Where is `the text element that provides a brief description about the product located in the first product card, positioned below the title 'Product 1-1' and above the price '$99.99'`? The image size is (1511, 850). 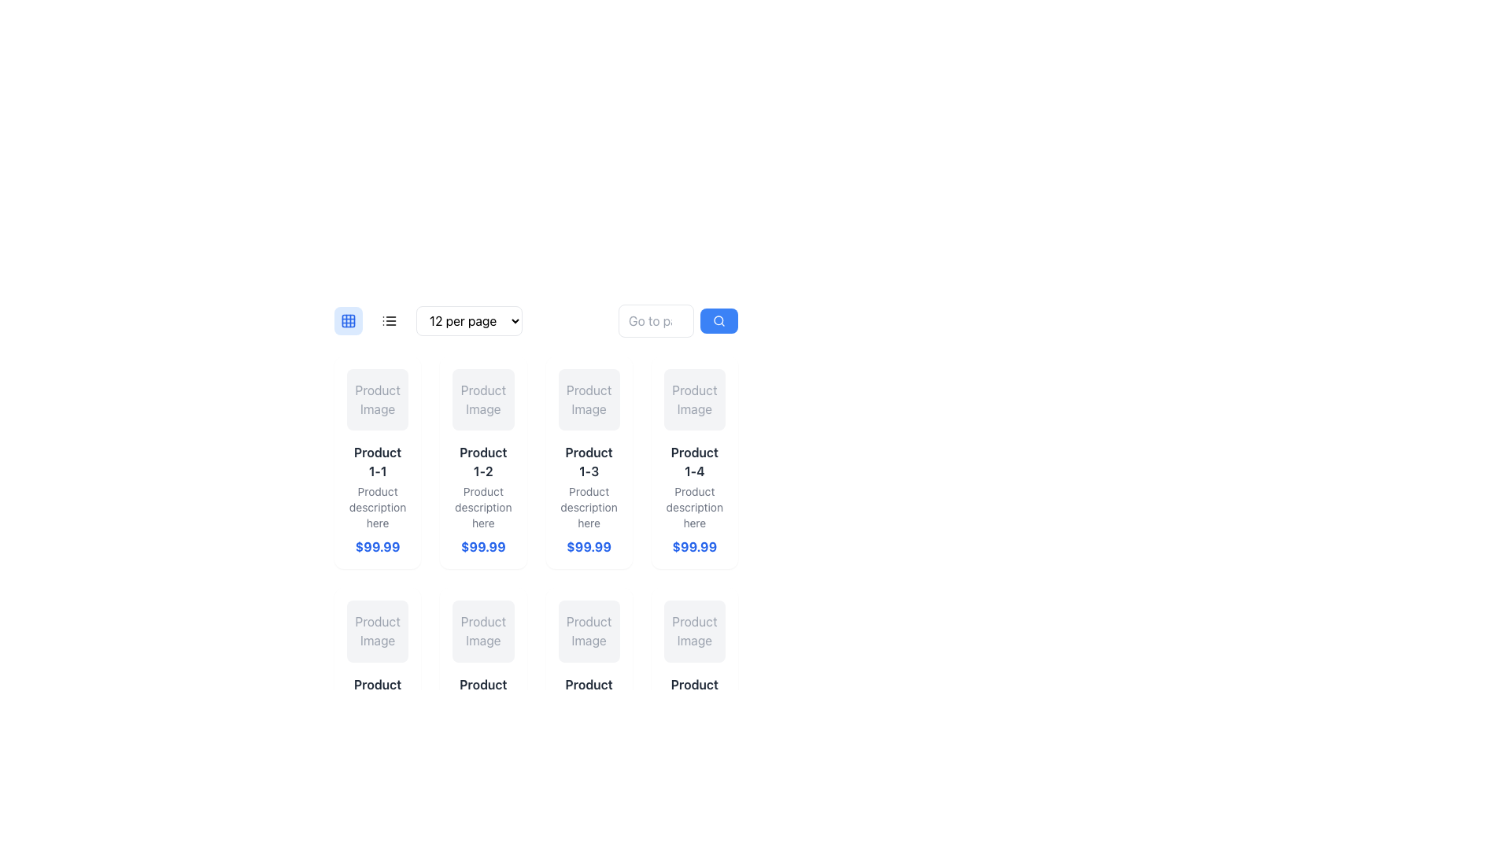 the text element that provides a brief description about the product located in the first product card, positioned below the title 'Product 1-1' and above the price '$99.99' is located at coordinates (378, 508).